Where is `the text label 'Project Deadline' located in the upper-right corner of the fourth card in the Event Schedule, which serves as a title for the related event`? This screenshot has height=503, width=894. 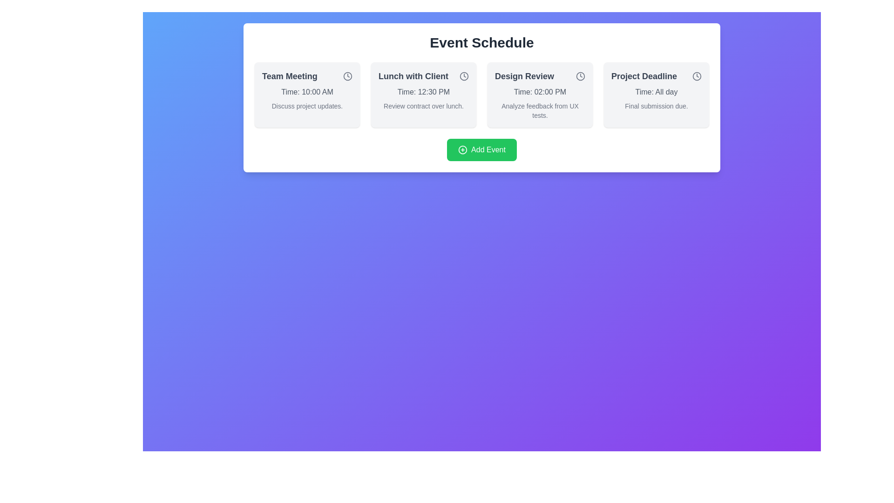
the text label 'Project Deadline' located in the upper-right corner of the fourth card in the Event Schedule, which serves as a title for the related event is located at coordinates (643, 76).